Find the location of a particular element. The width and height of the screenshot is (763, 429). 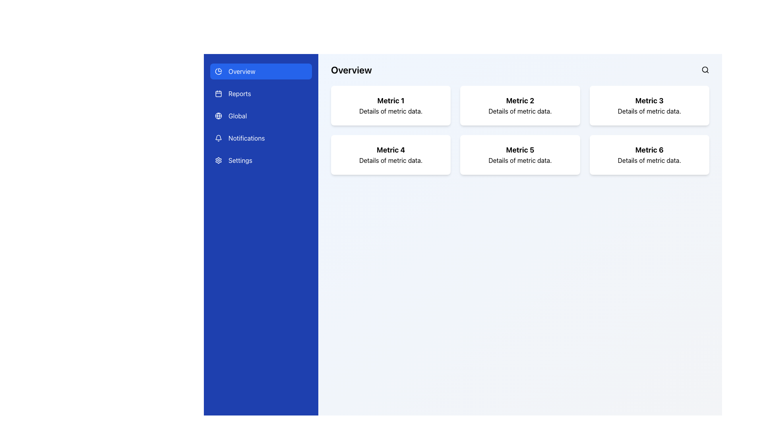

the information displayed on the Informational Card labeled 'Metric 1', which is the first card in a 3-column grid layout, located at the top-left corner of the grid is located at coordinates (391, 105).